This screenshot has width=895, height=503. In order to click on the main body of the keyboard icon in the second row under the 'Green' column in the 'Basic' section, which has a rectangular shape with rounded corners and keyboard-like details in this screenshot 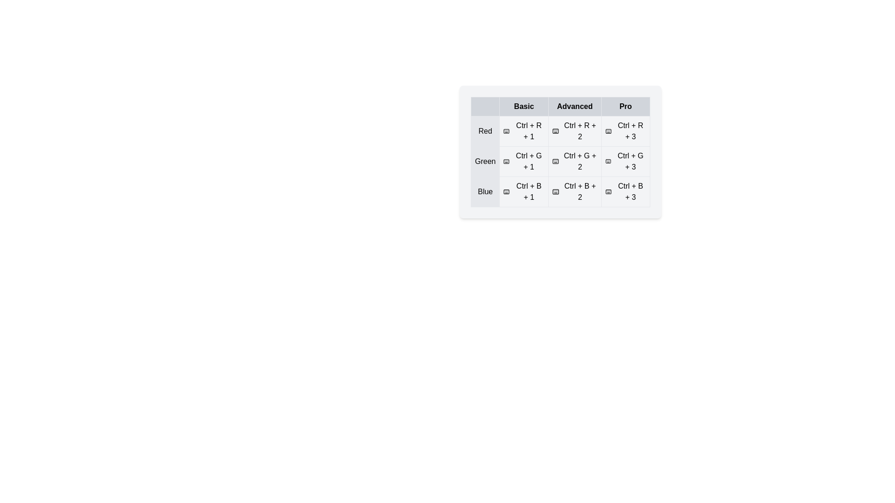, I will do `click(506, 161)`.